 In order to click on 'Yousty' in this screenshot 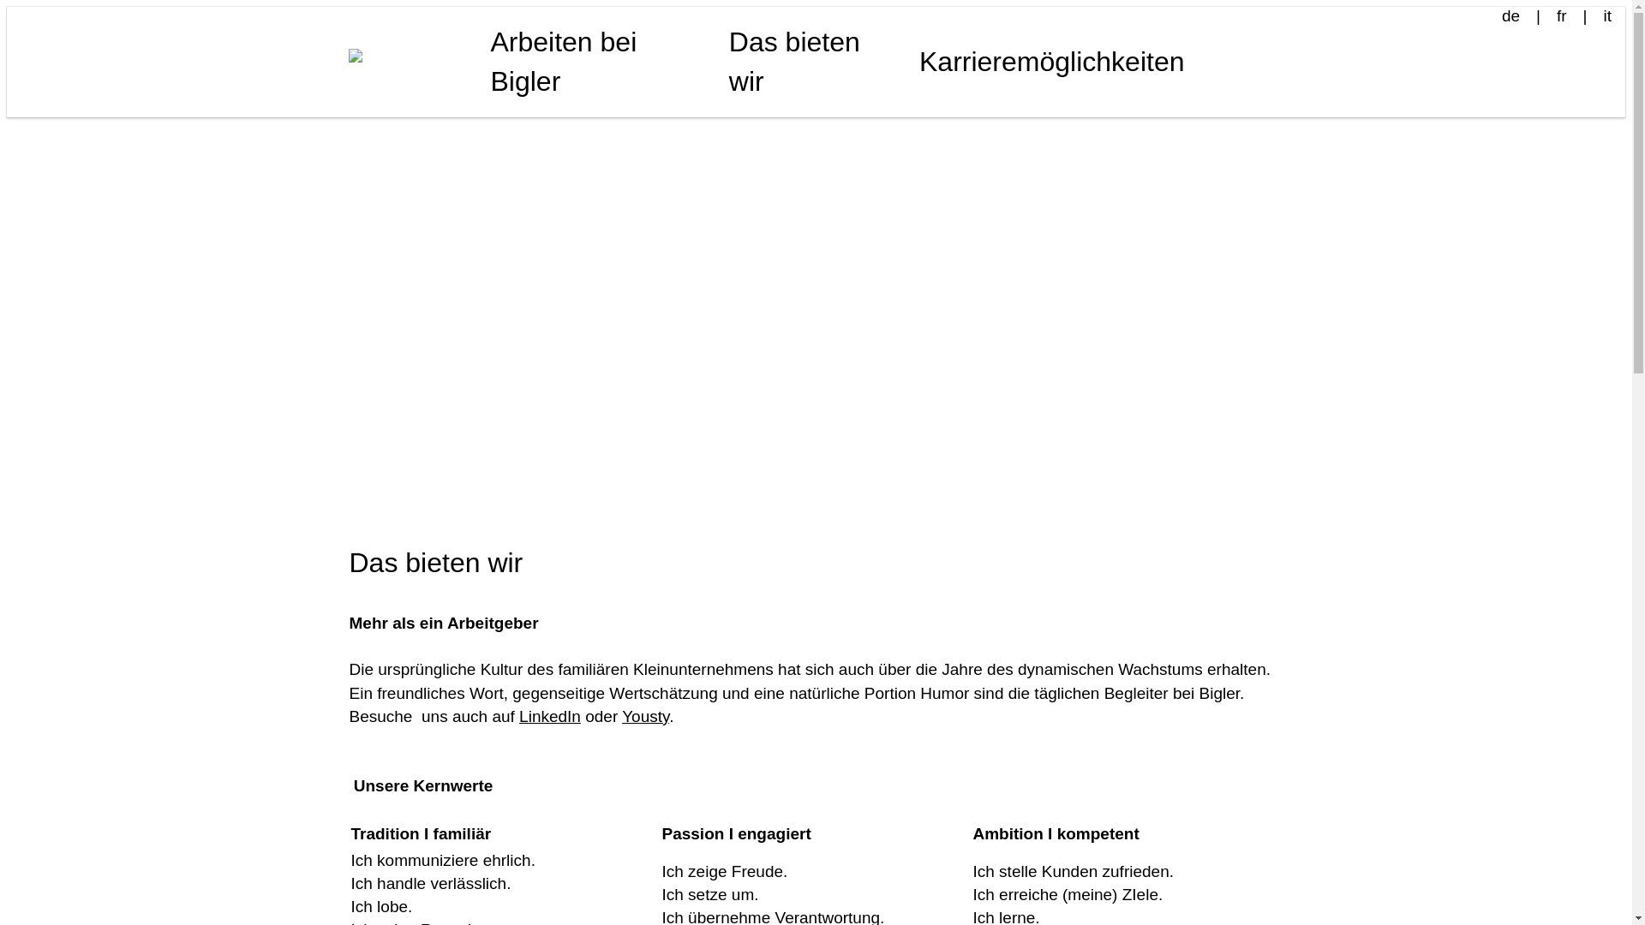, I will do `click(644, 716)`.